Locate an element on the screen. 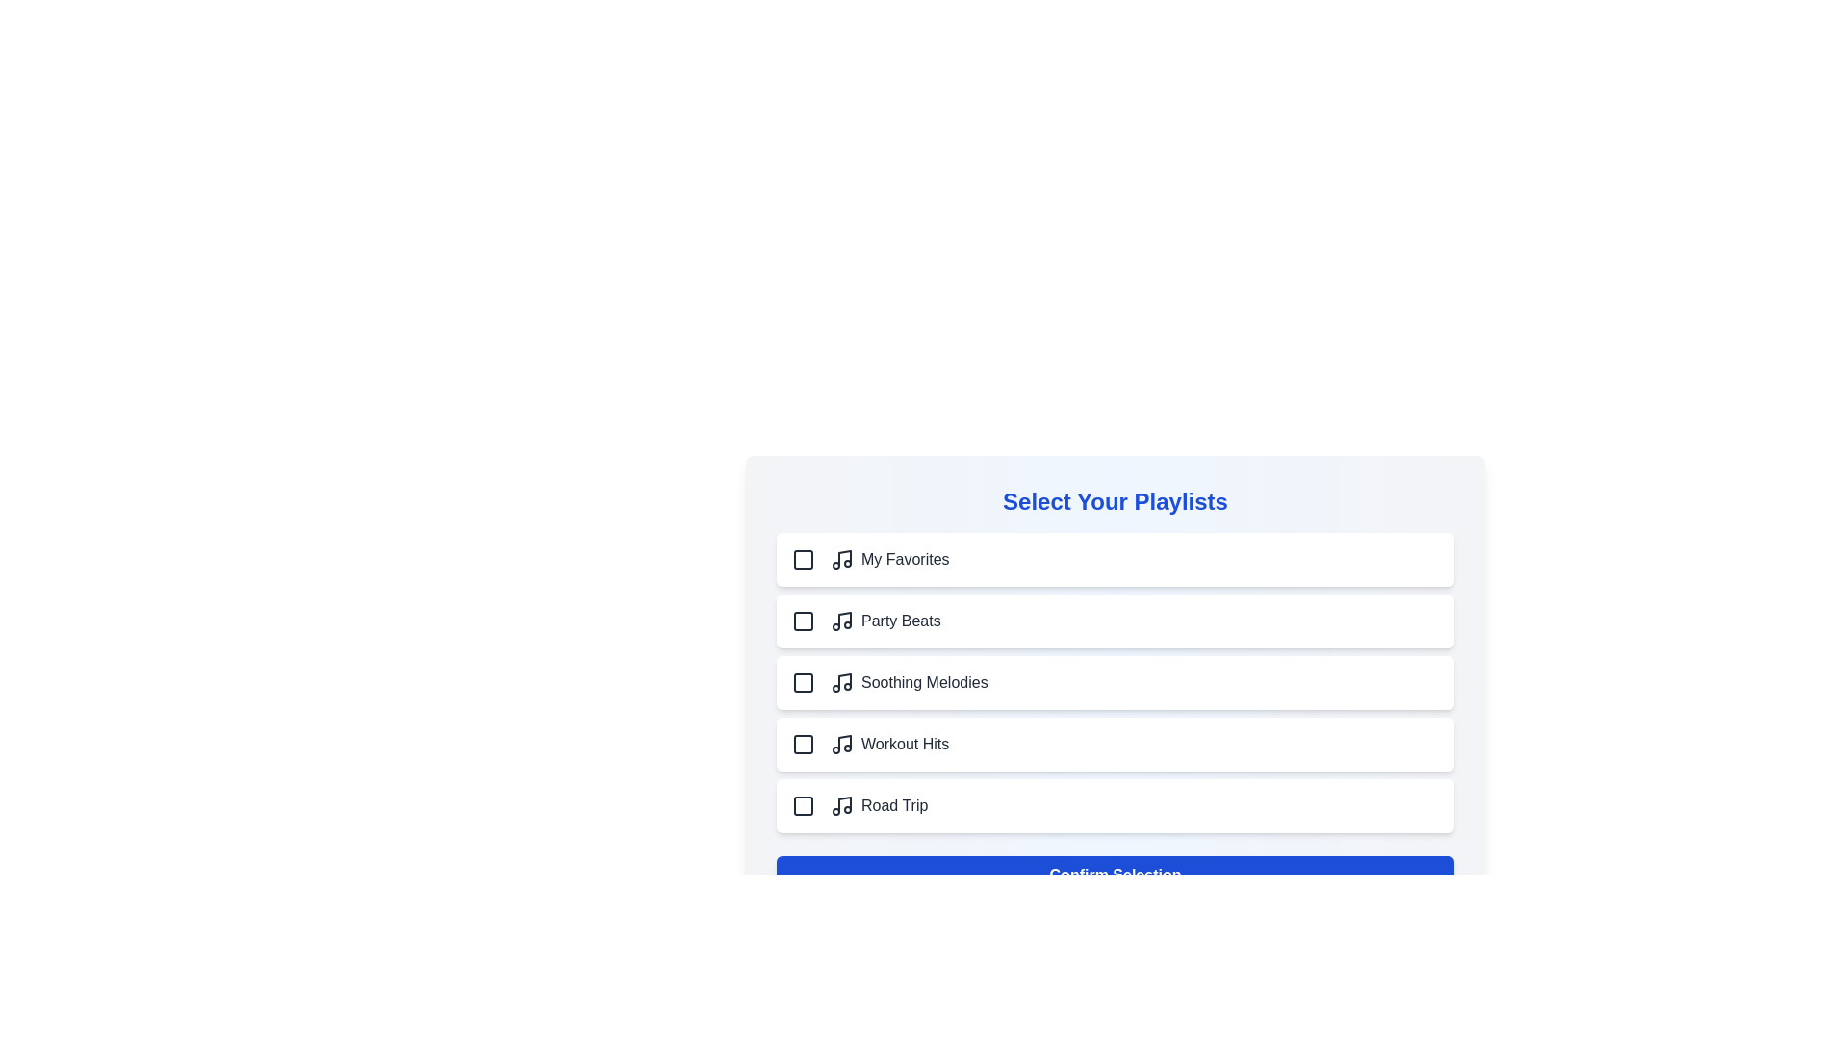 Image resolution: width=1848 pixels, height=1039 pixels. the playlist item Soothing Melodies to toggle its selection state is located at coordinates (1115, 681).